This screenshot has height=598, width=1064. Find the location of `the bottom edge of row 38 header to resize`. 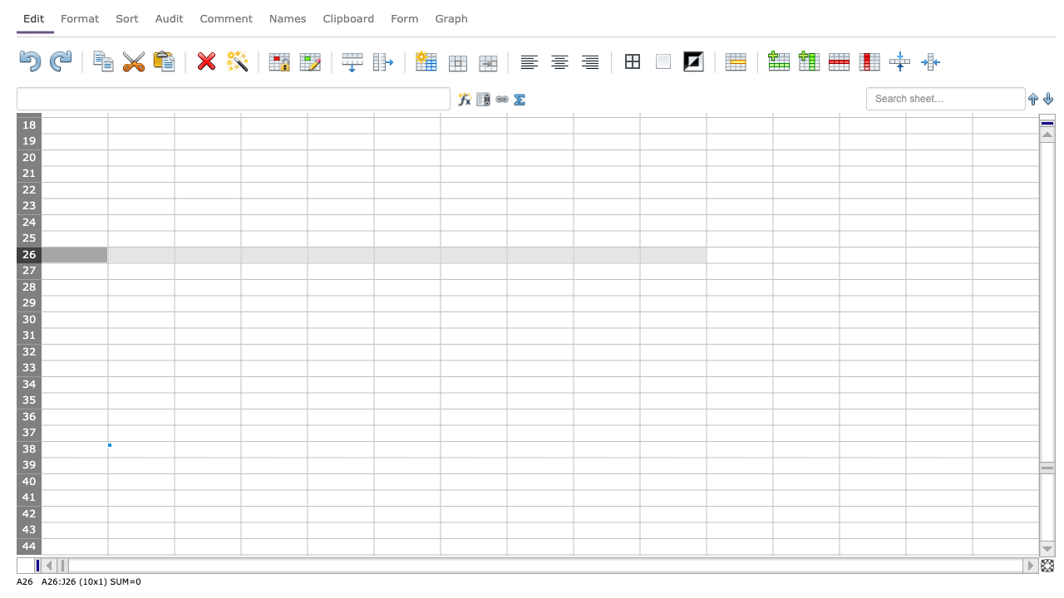

the bottom edge of row 38 header to resize is located at coordinates (28, 458).